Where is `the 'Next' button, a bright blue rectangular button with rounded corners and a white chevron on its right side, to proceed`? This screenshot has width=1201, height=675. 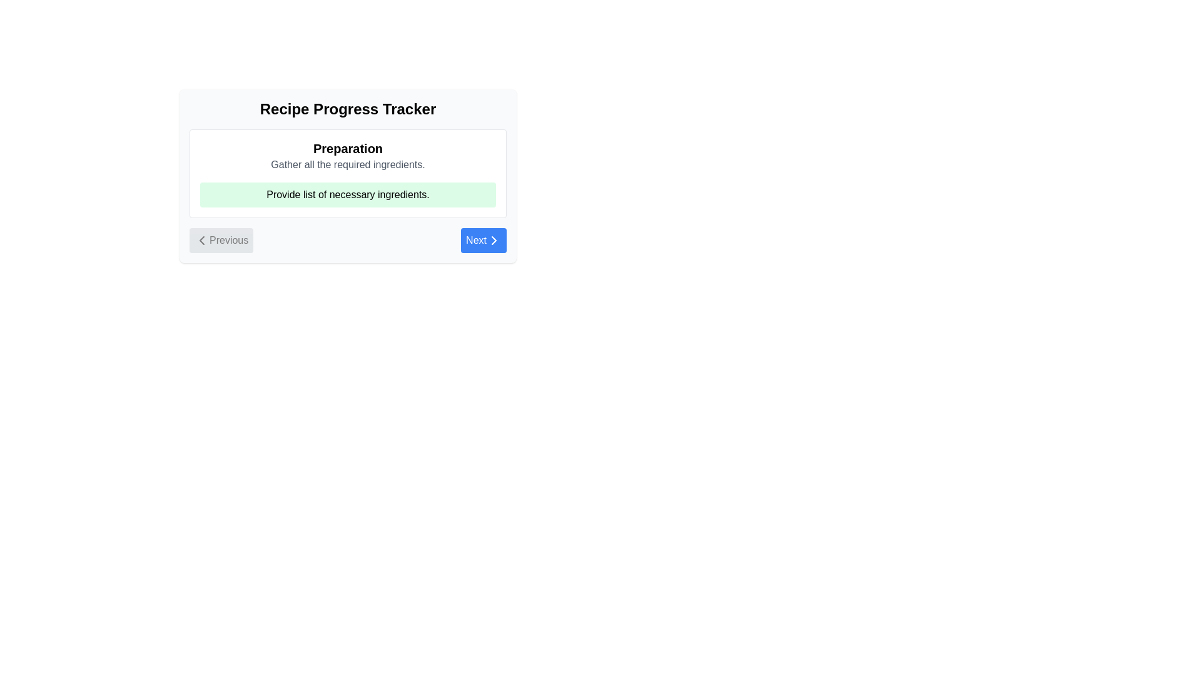 the 'Next' button, a bright blue rectangular button with rounded corners and a white chevron on its right side, to proceed is located at coordinates (483, 241).